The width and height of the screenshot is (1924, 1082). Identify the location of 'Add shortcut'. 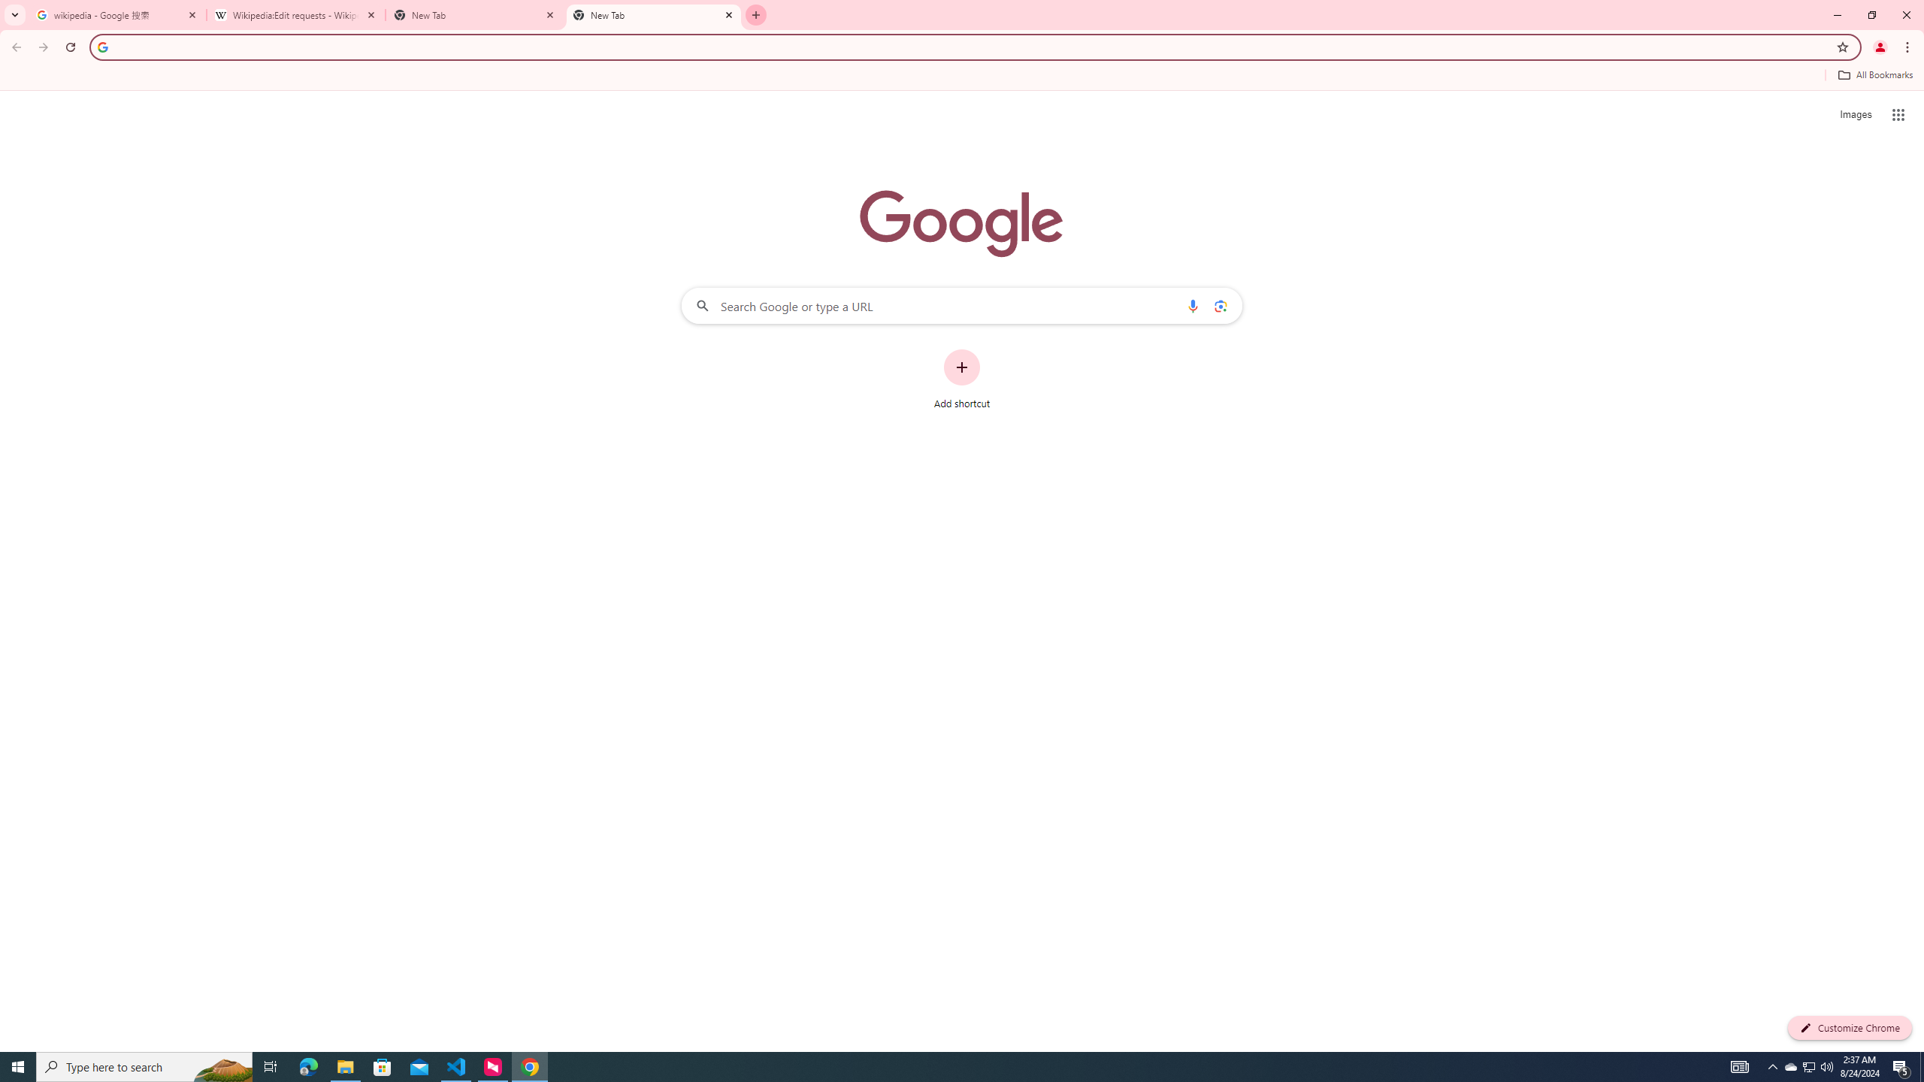
(962, 379).